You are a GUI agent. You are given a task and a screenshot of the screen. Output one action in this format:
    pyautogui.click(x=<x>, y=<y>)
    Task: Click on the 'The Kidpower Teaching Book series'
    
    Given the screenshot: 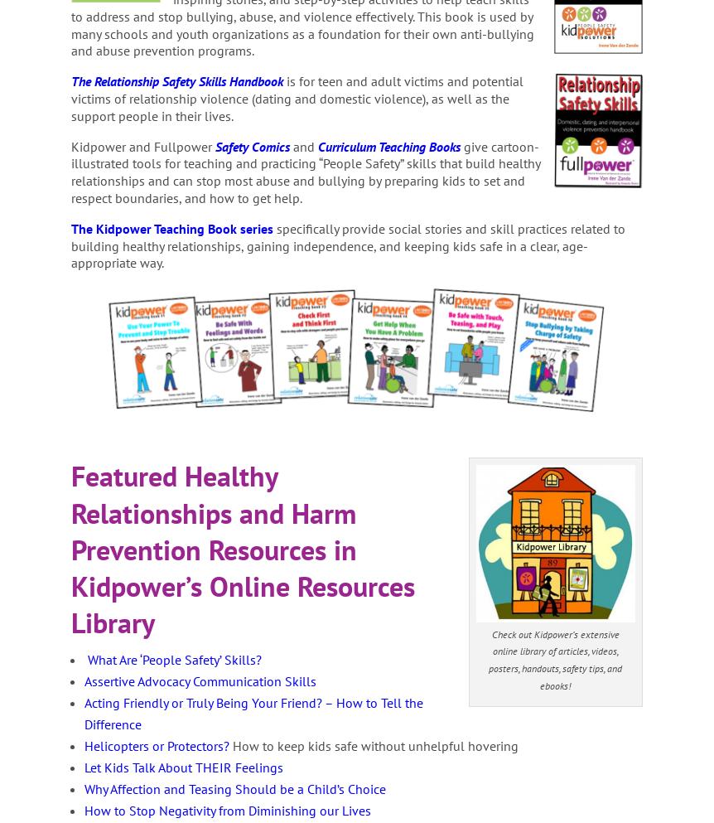 What is the action you would take?
    pyautogui.click(x=172, y=227)
    